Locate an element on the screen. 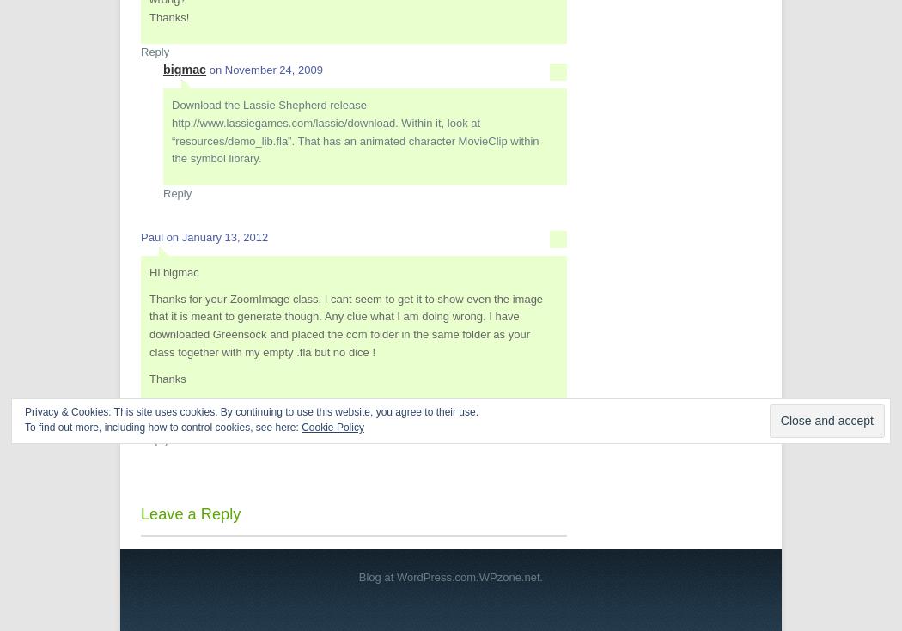 This screenshot has height=631, width=902. 'Thanks!' is located at coordinates (168, 15).